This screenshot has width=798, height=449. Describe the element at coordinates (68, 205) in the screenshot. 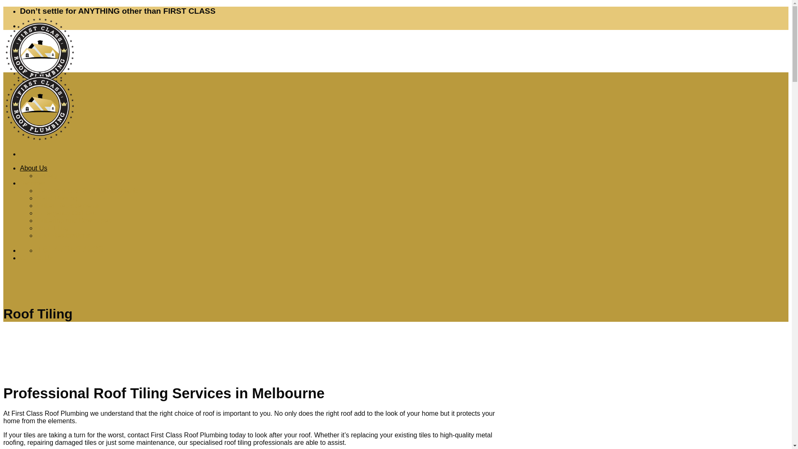

I see `'Gutter Replacements'` at that location.